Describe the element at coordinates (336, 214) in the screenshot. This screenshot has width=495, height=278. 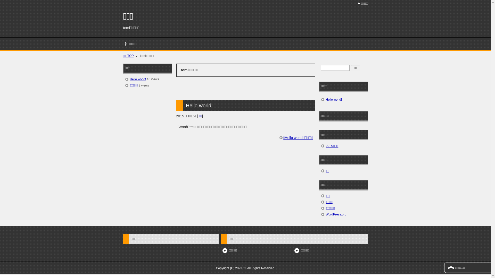
I see `'WordPress.org'` at that location.